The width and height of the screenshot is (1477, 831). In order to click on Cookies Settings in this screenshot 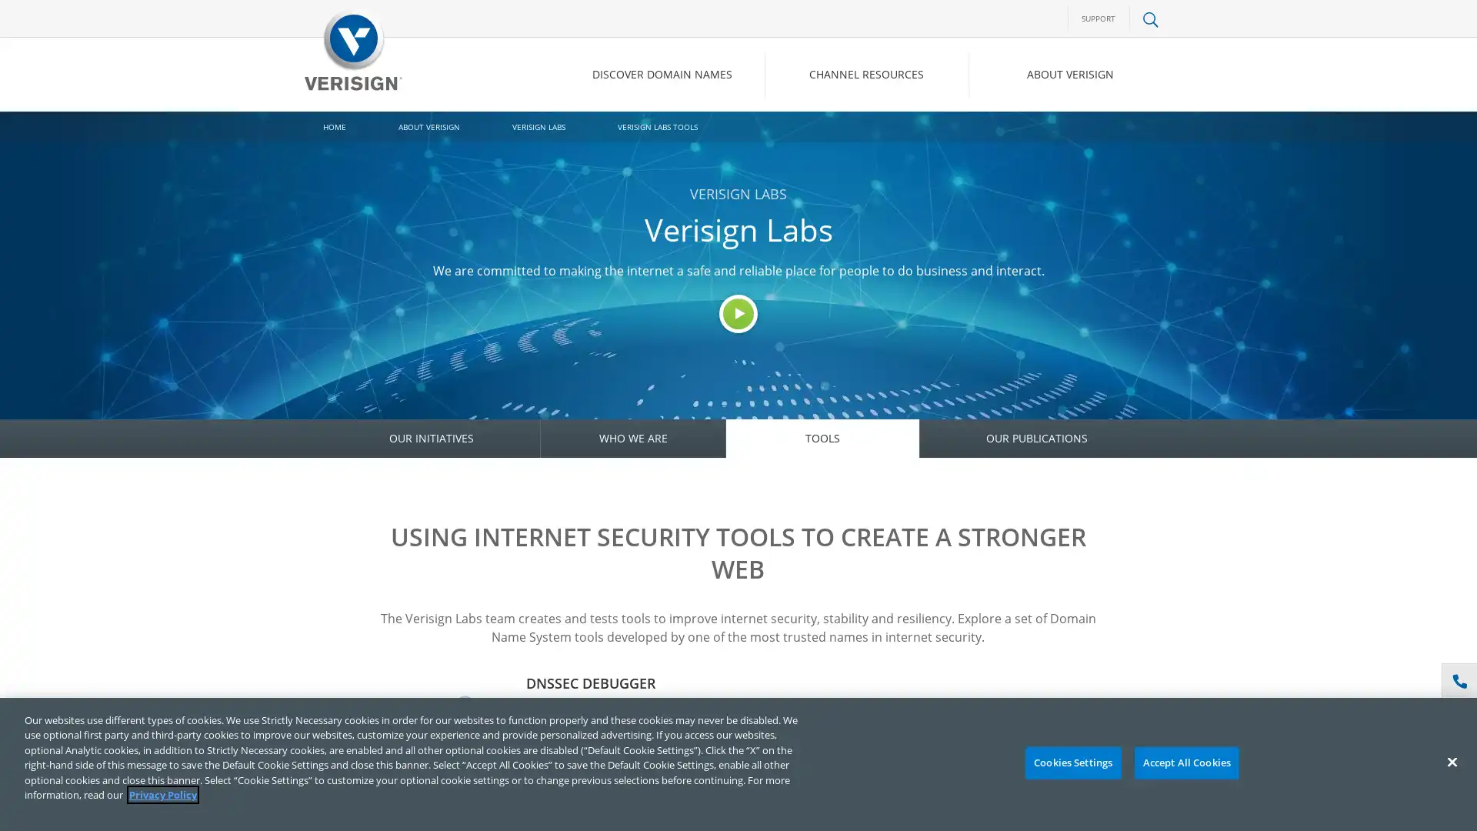, I will do `click(1072, 763)`.